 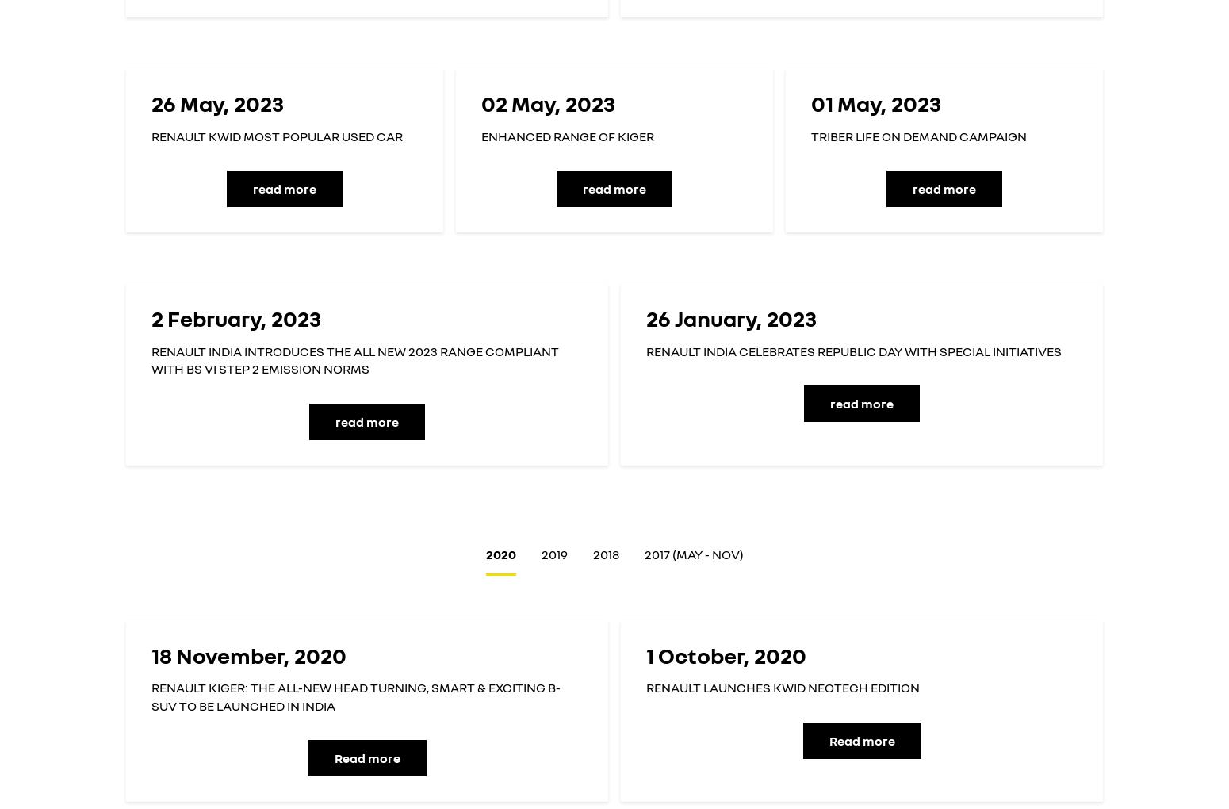 What do you see at coordinates (547, 103) in the screenshot?
I see `'02 May, 2023'` at bounding box center [547, 103].